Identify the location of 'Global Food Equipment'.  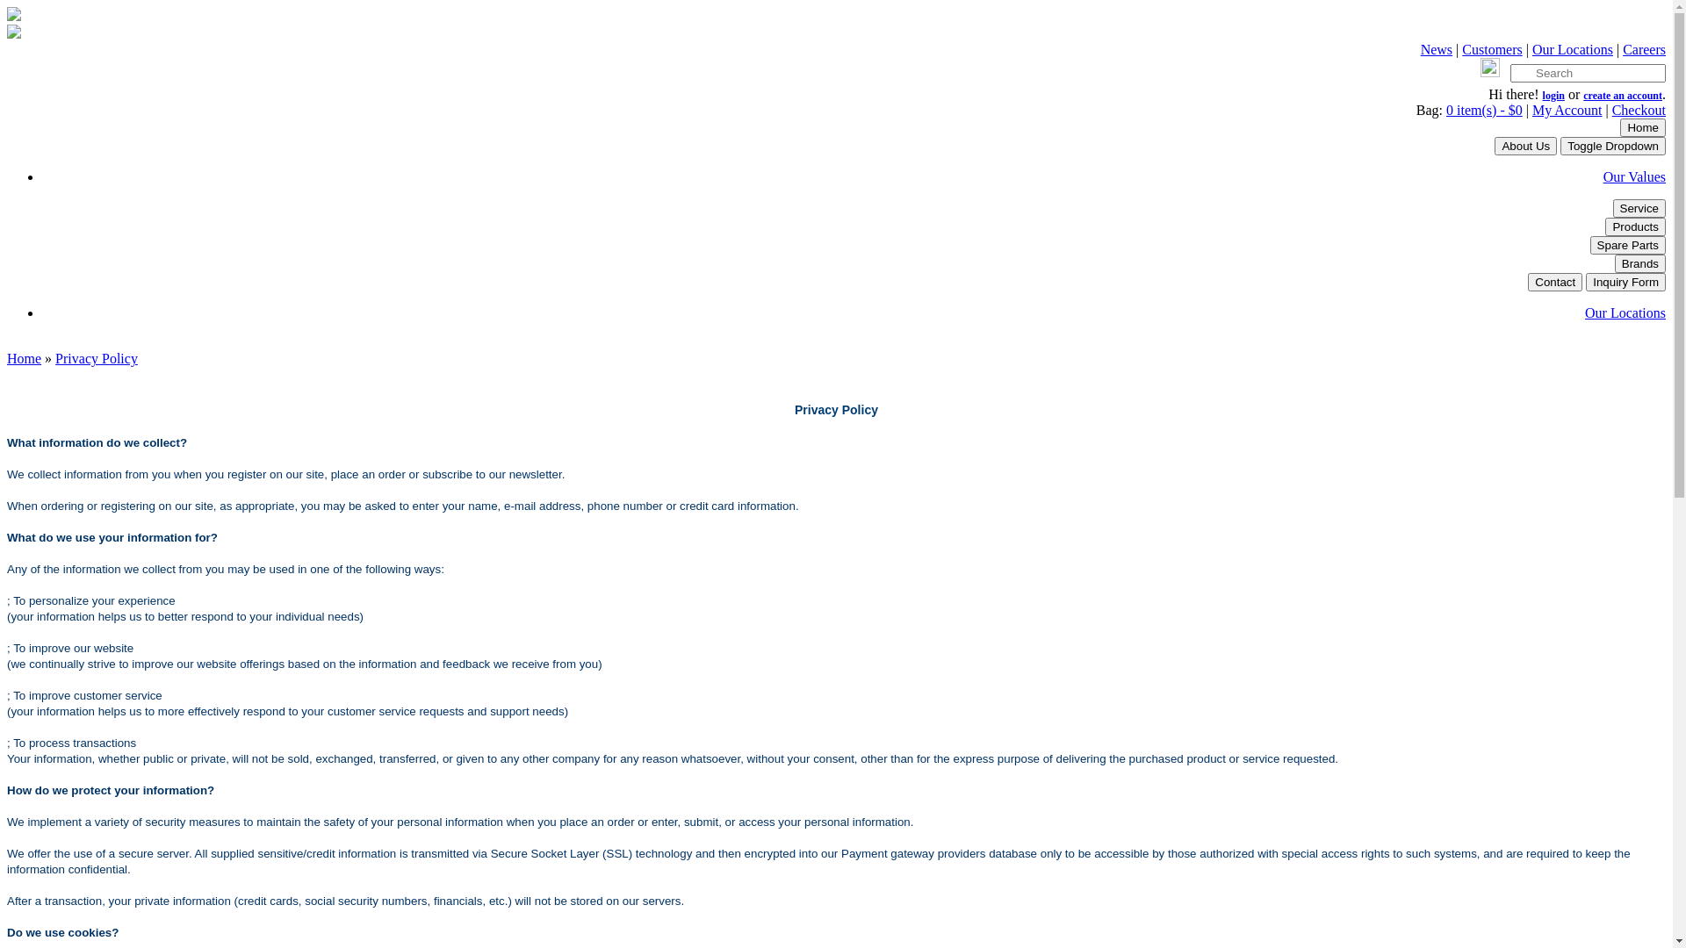
(13, 16).